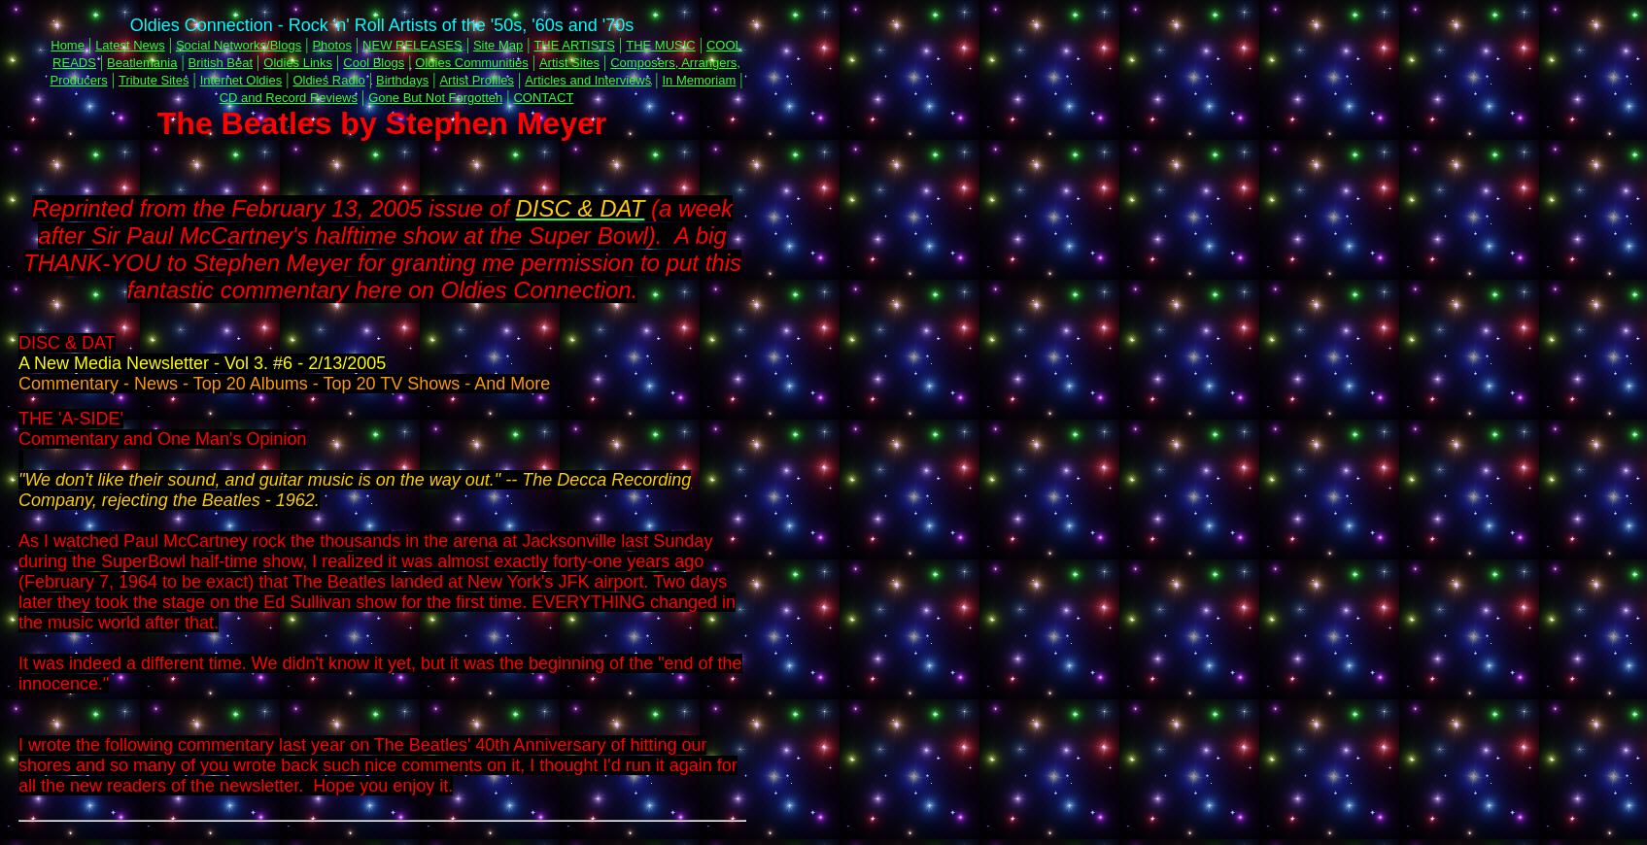 The width and height of the screenshot is (1647, 845). I want to click on 'In Memoriam', so click(698, 79).